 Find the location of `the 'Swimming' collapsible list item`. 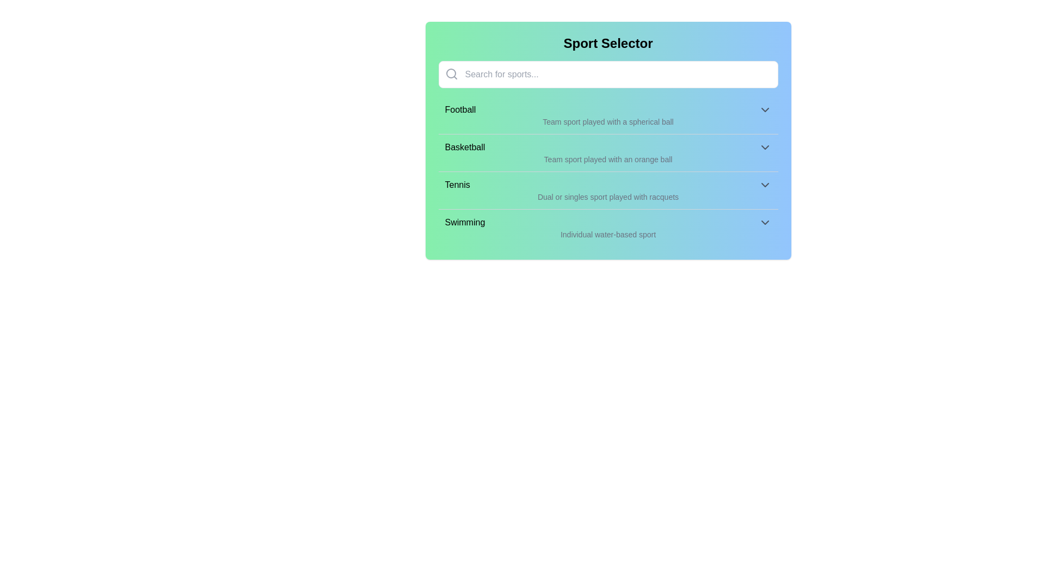

the 'Swimming' collapsible list item is located at coordinates (607, 227).